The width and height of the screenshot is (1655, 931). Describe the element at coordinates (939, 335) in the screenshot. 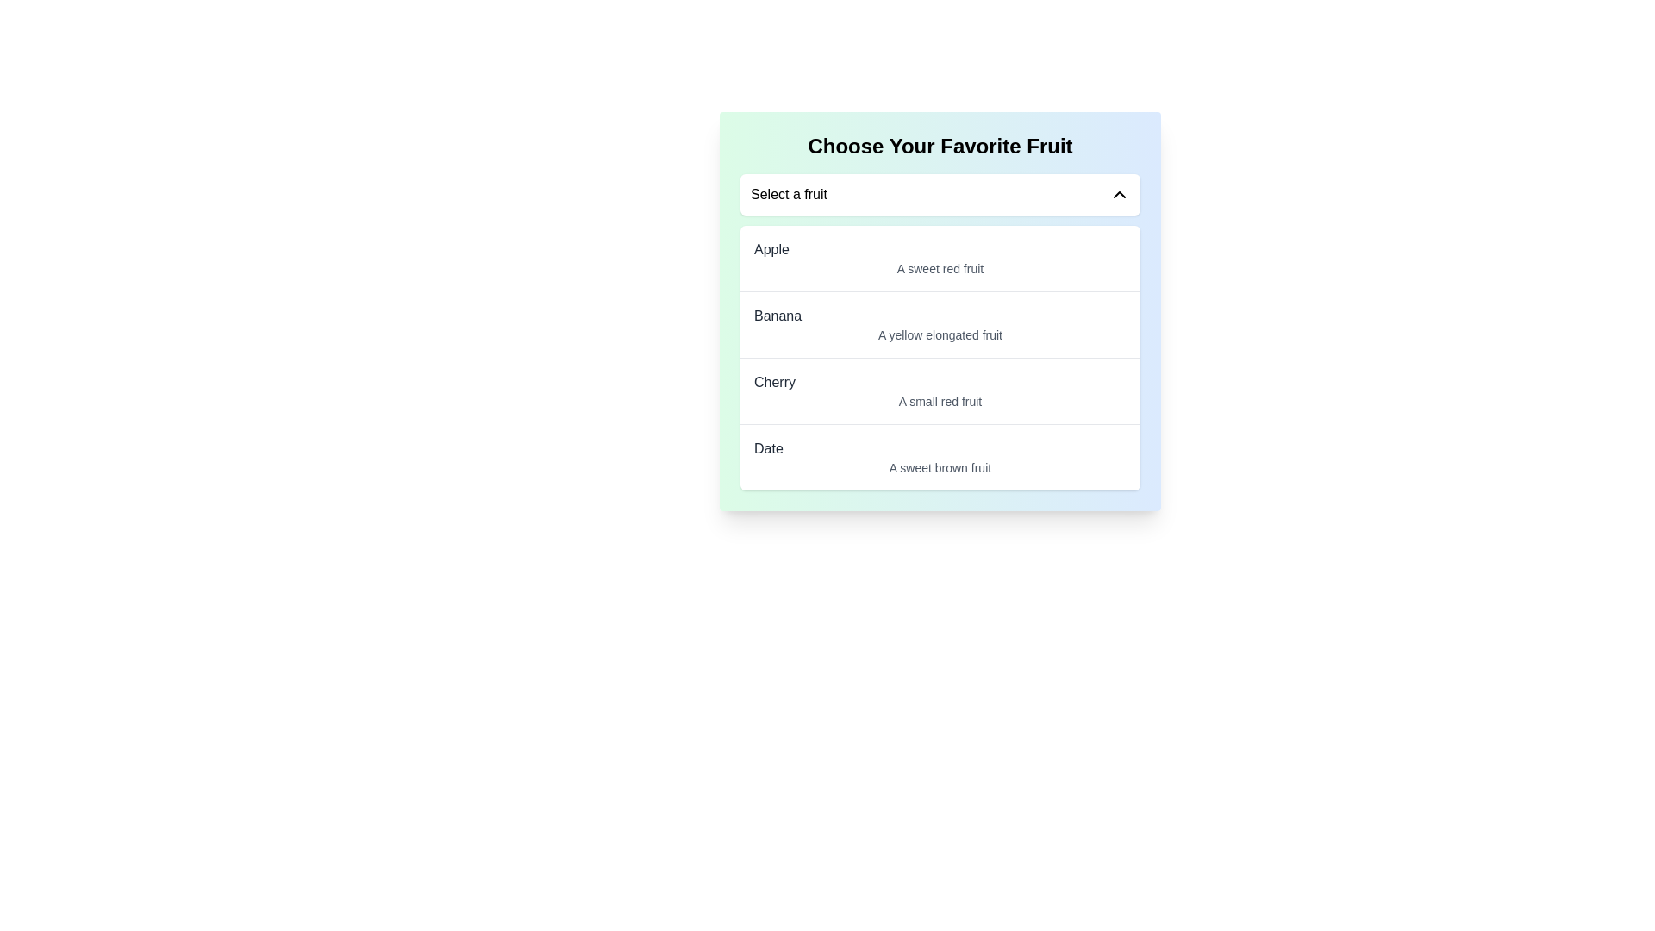

I see `text content of the label displaying 'A yellow elongated fruit', which is part of the dropdown menu for selecting fruits and is associated with the label 'Banana'` at that location.